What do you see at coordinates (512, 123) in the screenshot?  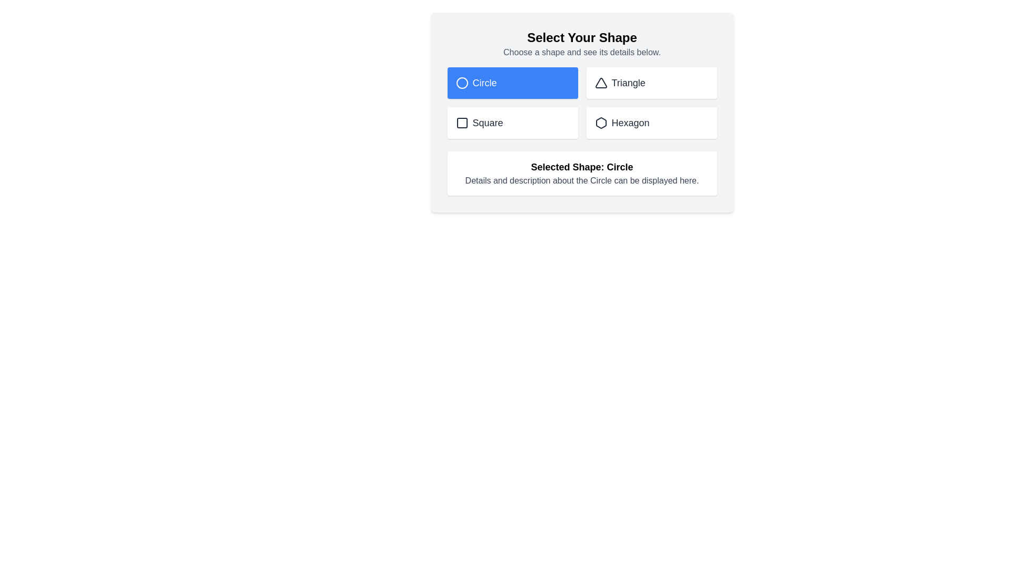 I see `the 'Square' button, which has a light background and a square outline icon` at bounding box center [512, 123].